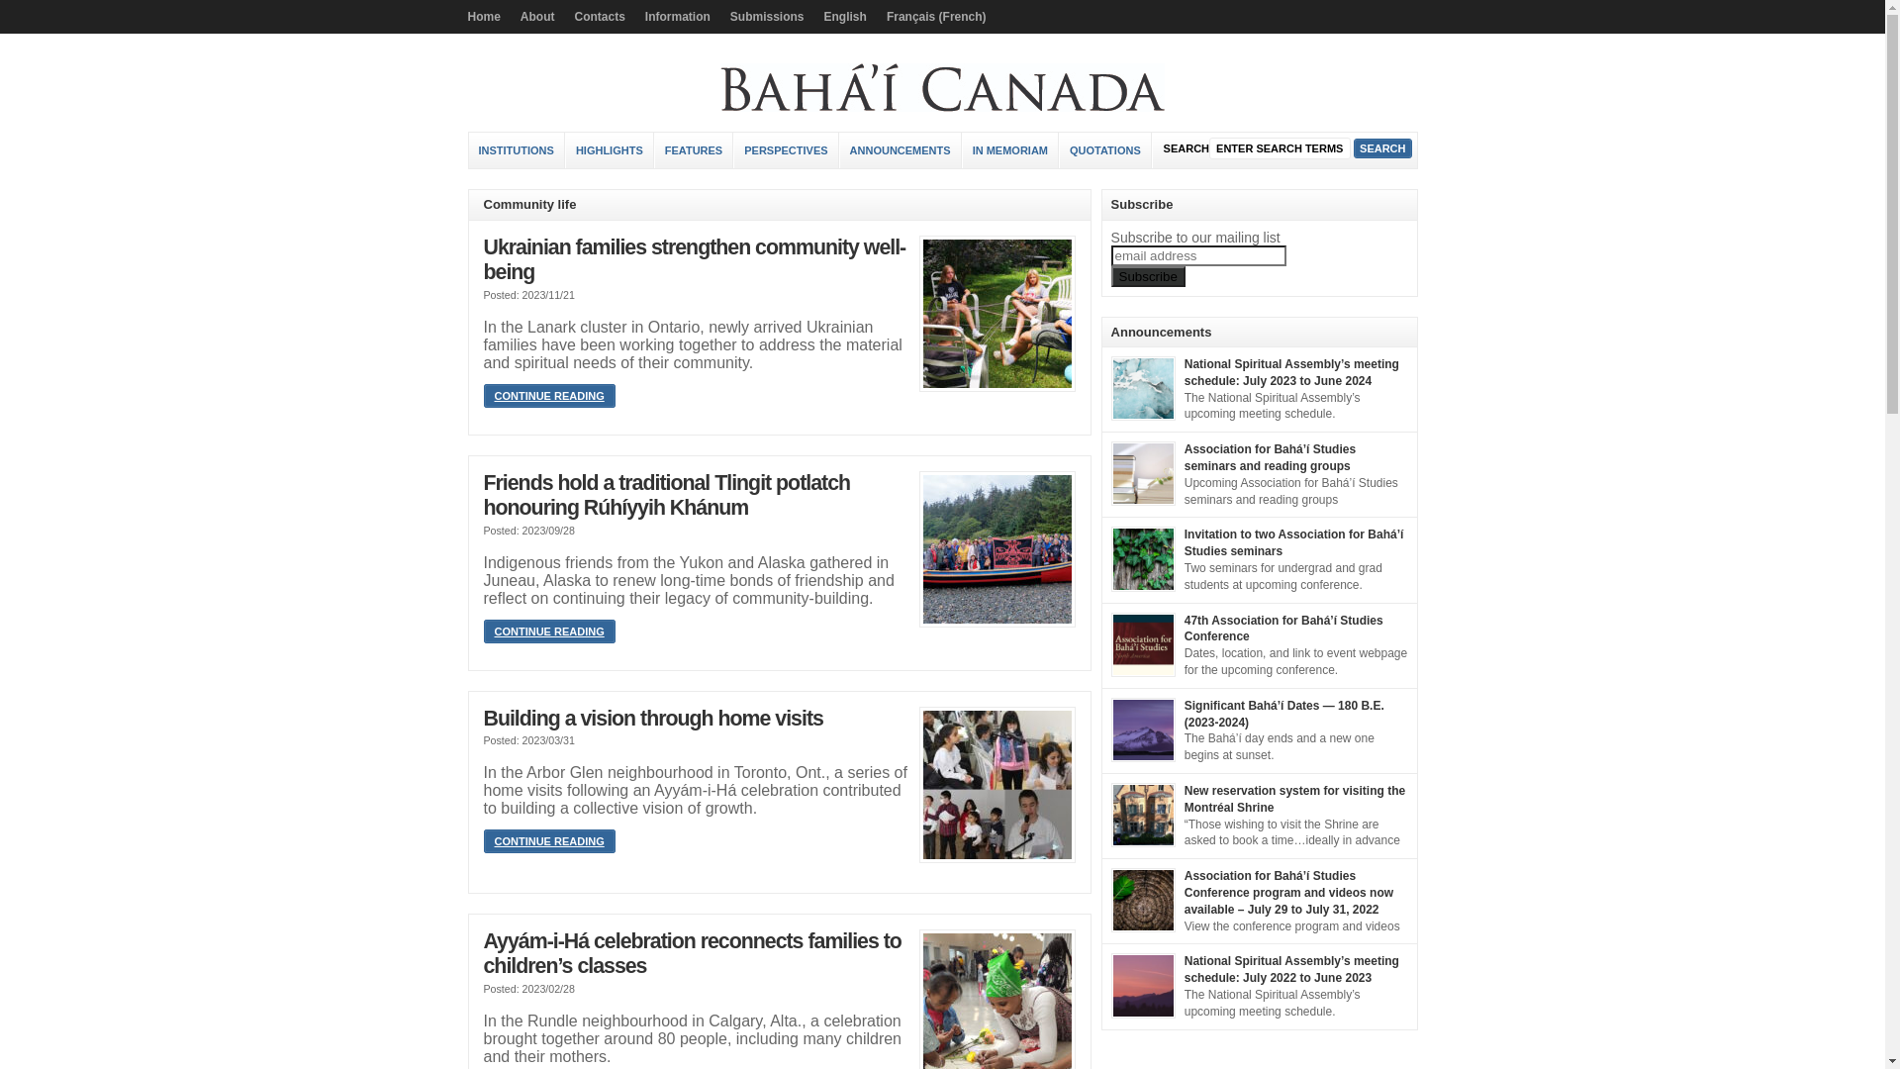 The height and width of the screenshot is (1069, 1900). Describe the element at coordinates (900, 148) in the screenshot. I see `'ANNOUNCEMENTS'` at that location.